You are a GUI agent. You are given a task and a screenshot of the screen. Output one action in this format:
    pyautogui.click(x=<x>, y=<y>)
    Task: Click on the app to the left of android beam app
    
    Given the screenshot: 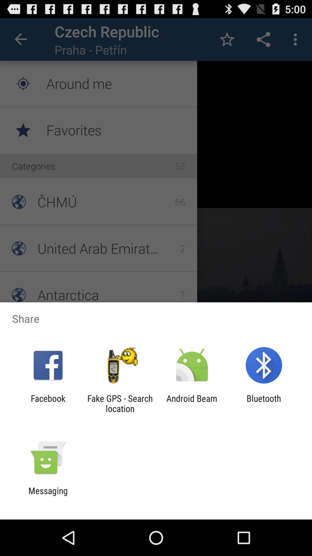 What is the action you would take?
    pyautogui.click(x=120, y=403)
    